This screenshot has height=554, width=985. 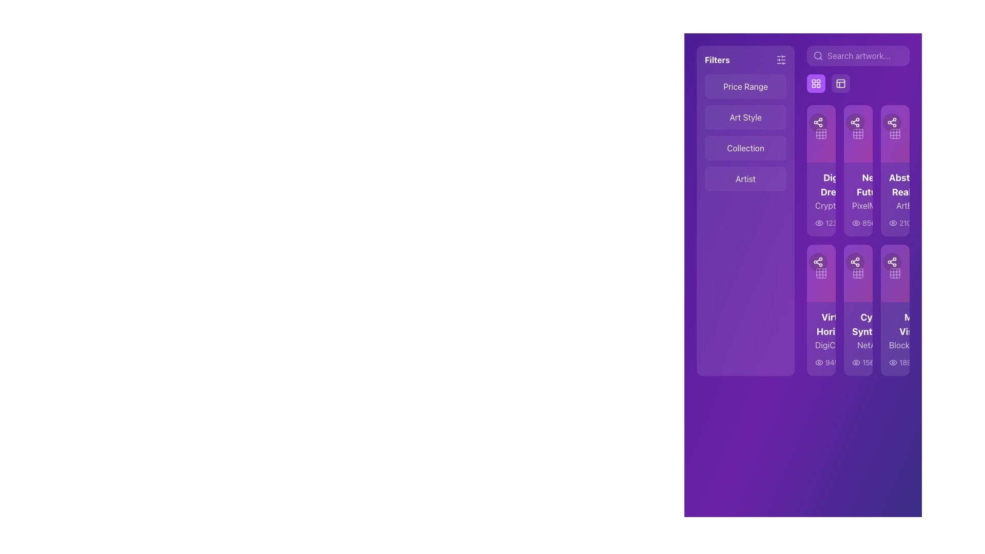 I want to click on the Text Label that represents a numerical value in the bottom section of the Meta Visions card, located in the sixth column of the grid layout, so click(x=895, y=362).